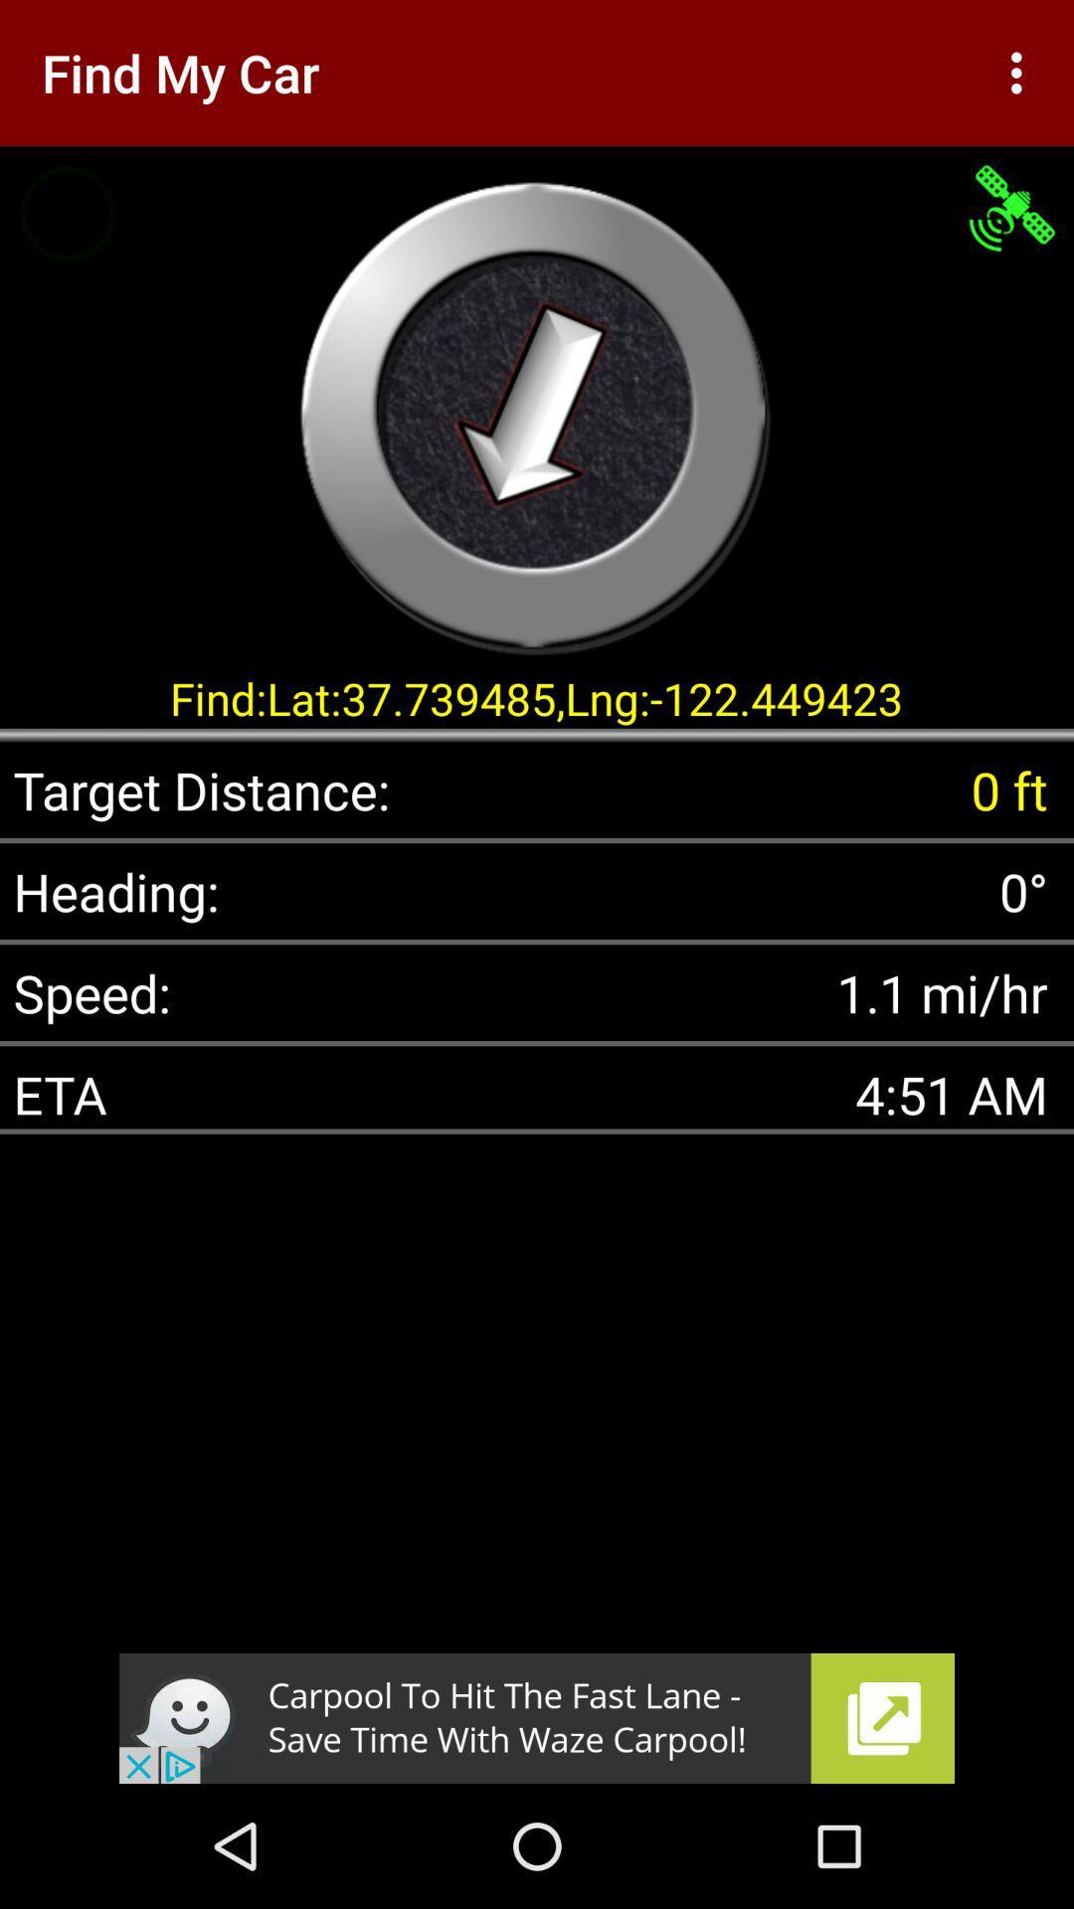 The width and height of the screenshot is (1074, 1909). What do you see at coordinates (537, 1717) in the screenshot?
I see `advertisement page` at bounding box center [537, 1717].